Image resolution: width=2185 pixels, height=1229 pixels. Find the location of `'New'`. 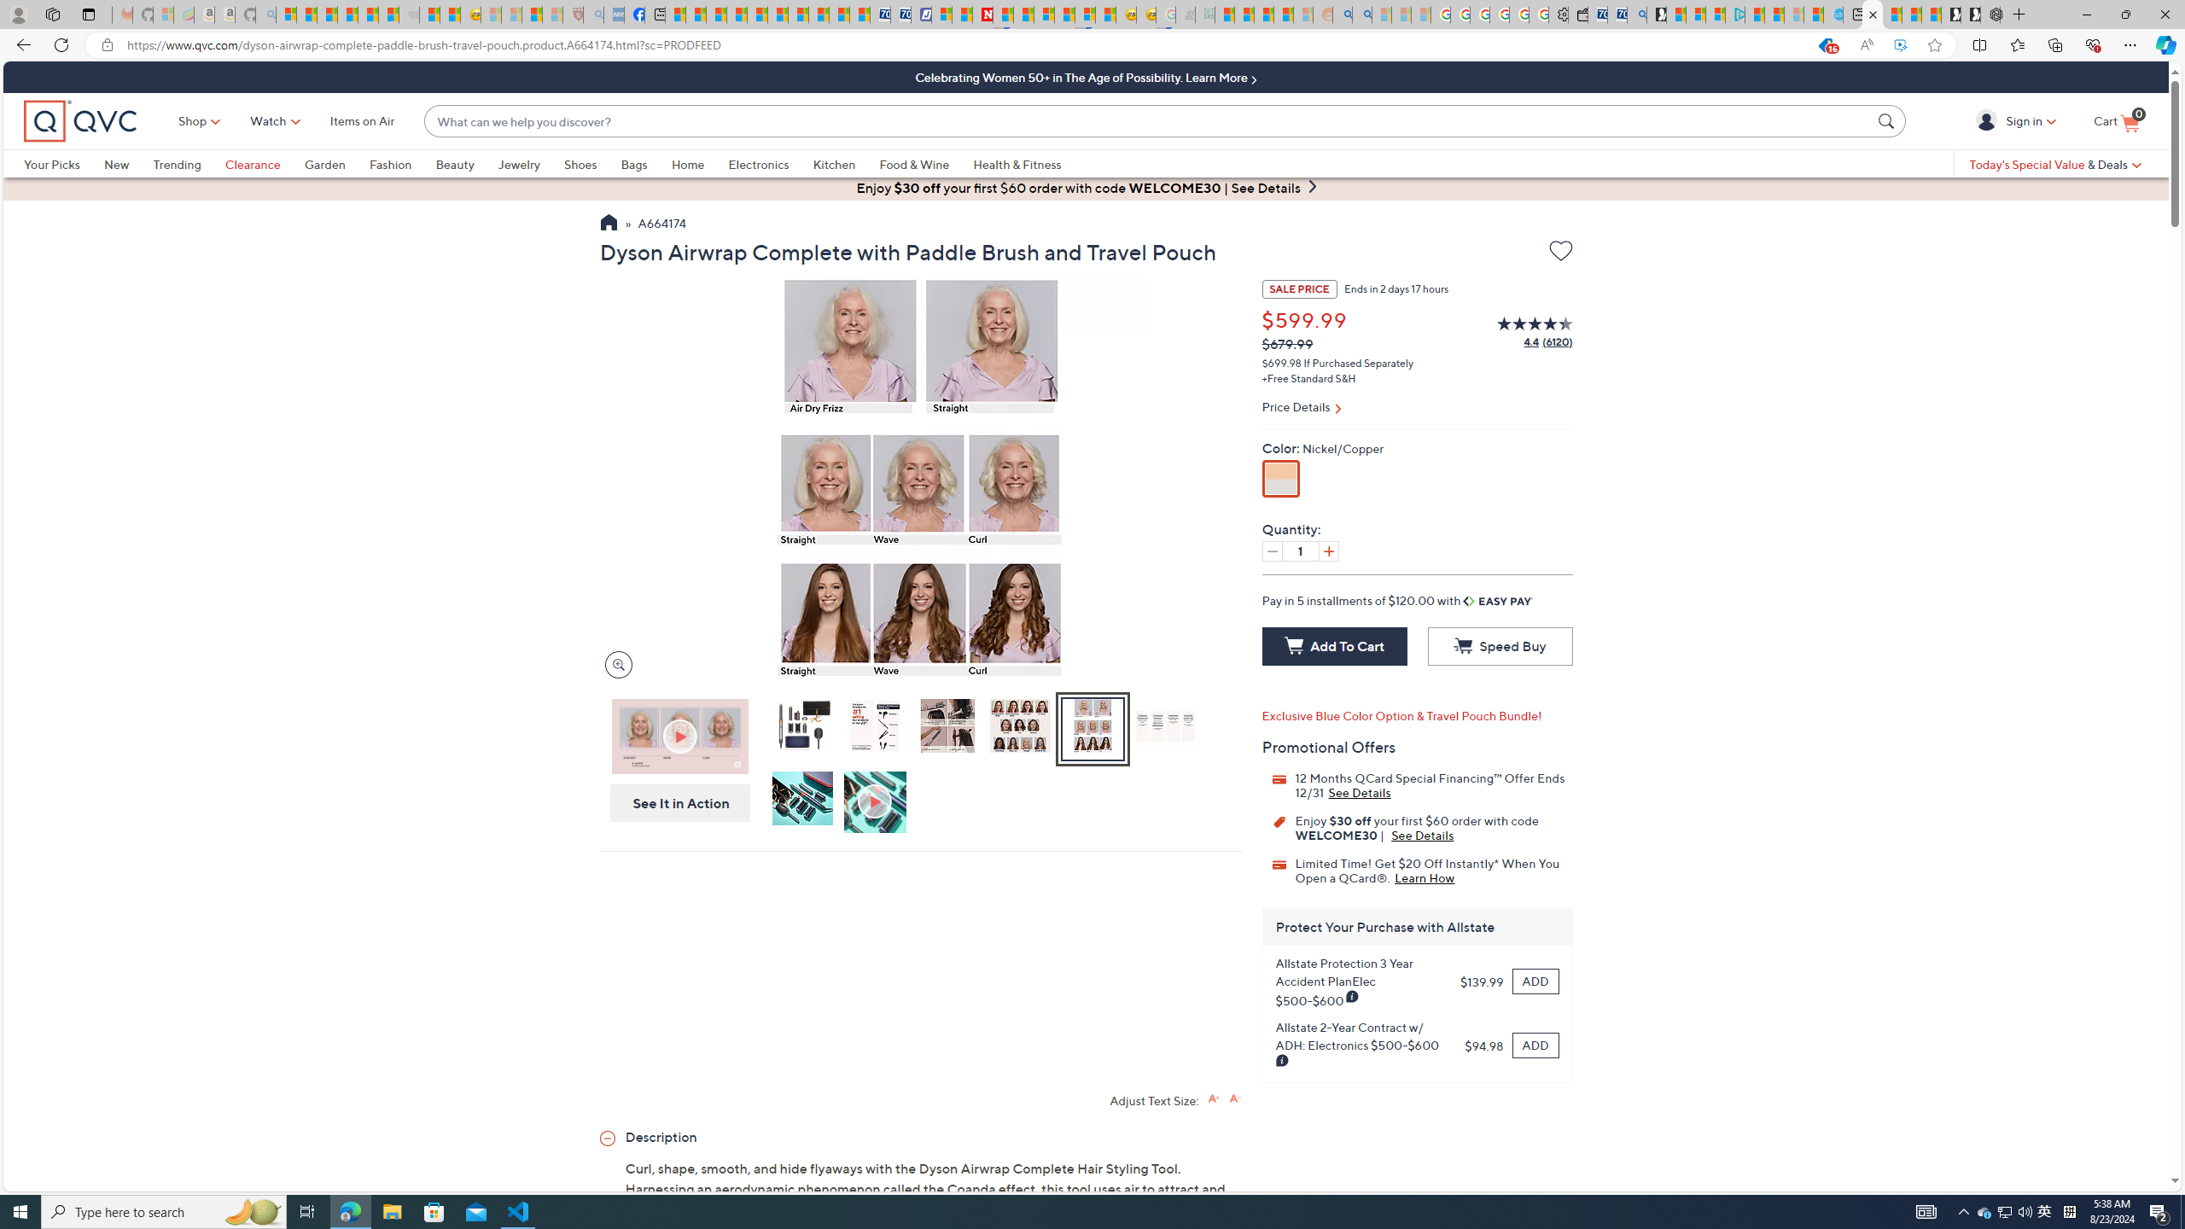

'New' is located at coordinates (114, 163).